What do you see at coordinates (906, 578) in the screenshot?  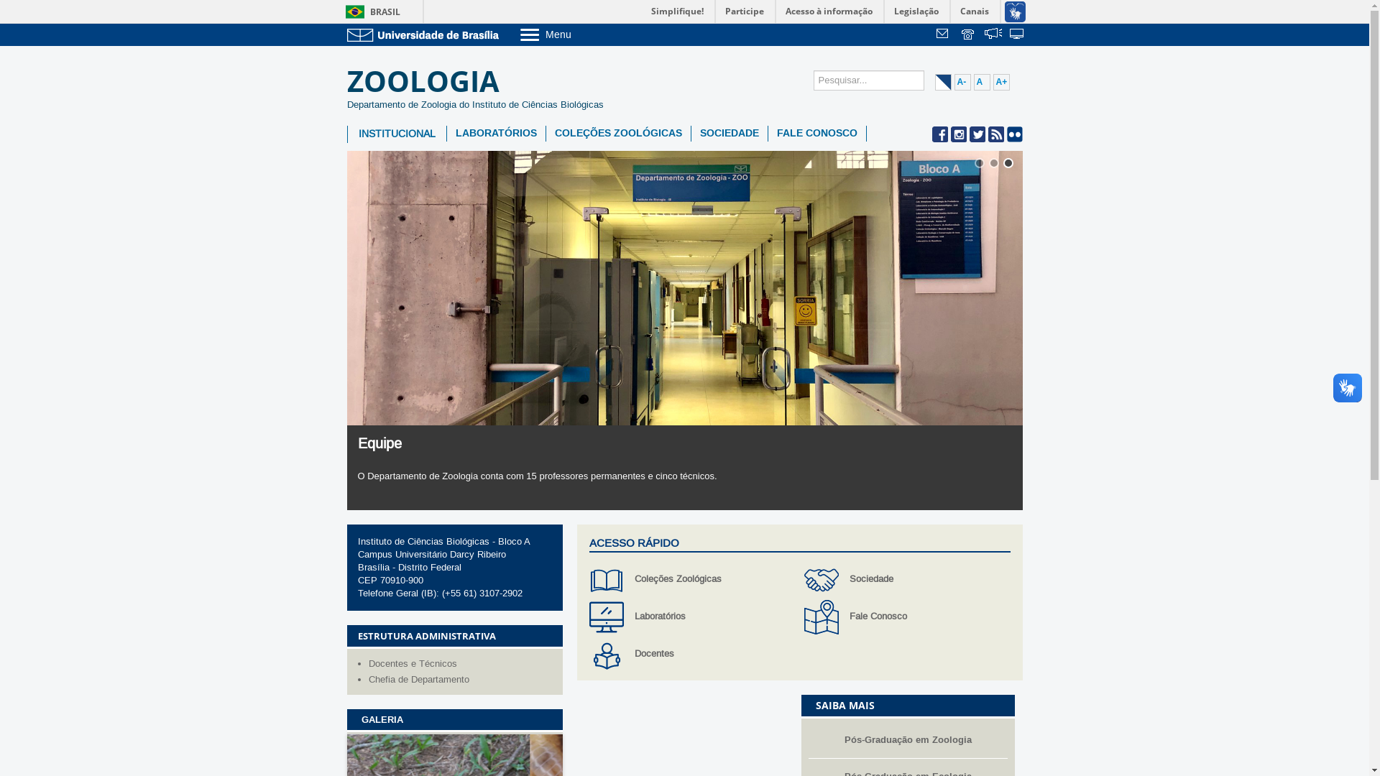 I see `'Sociedade'` at bounding box center [906, 578].